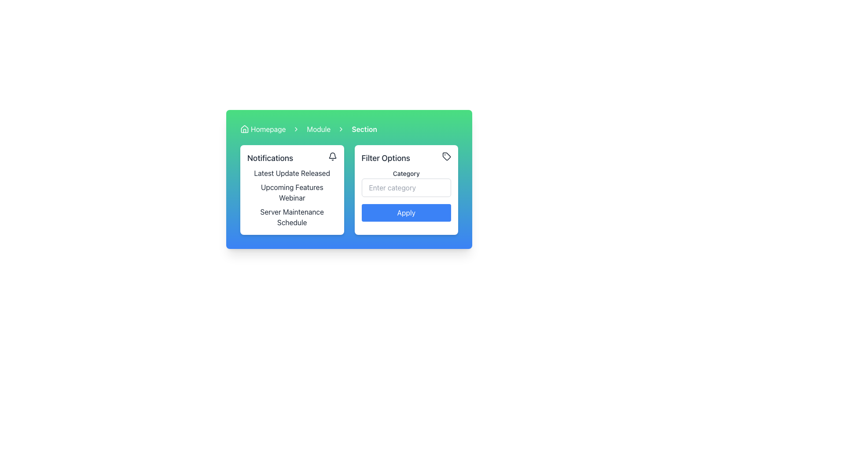  I want to click on the house icon in the breadcrumb navigation bar, which is positioned to the left of the 'Homepage' label, so click(245, 129).